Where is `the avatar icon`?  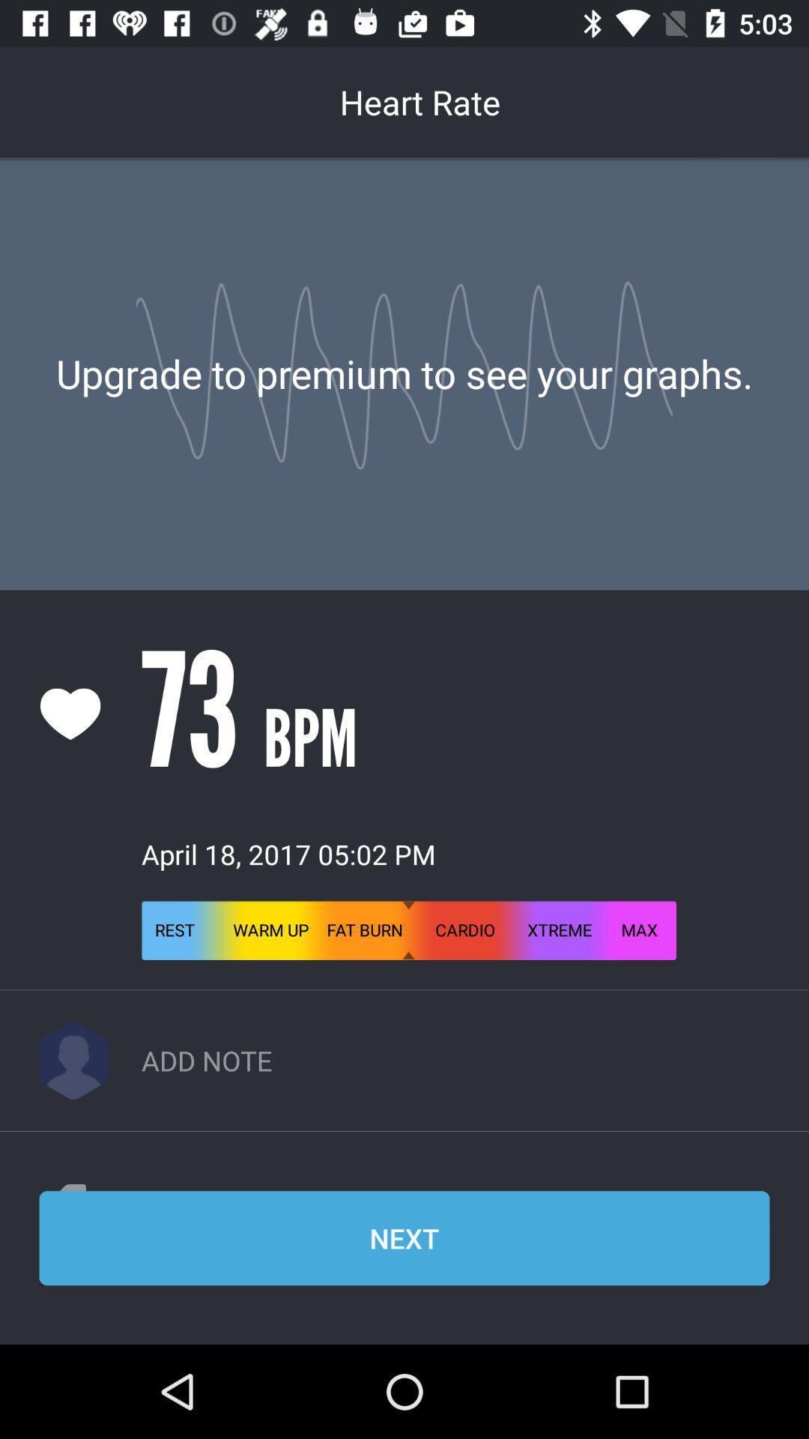 the avatar icon is located at coordinates (73, 1060).